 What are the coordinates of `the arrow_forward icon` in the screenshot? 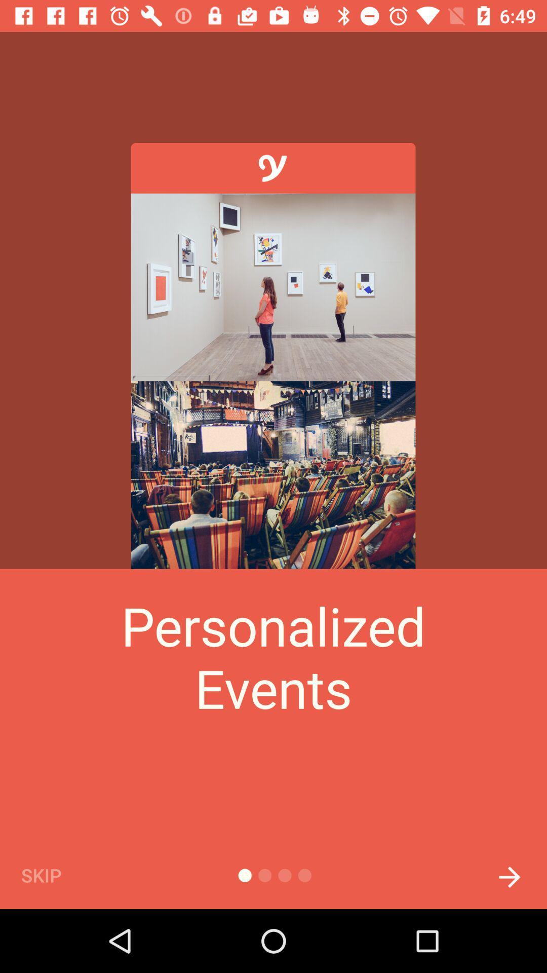 It's located at (510, 874).